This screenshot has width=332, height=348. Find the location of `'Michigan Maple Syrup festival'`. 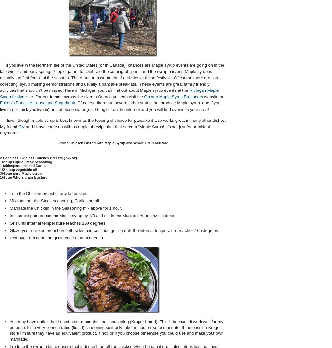

'Michigan Maple Syrup festival' is located at coordinates (109, 93).